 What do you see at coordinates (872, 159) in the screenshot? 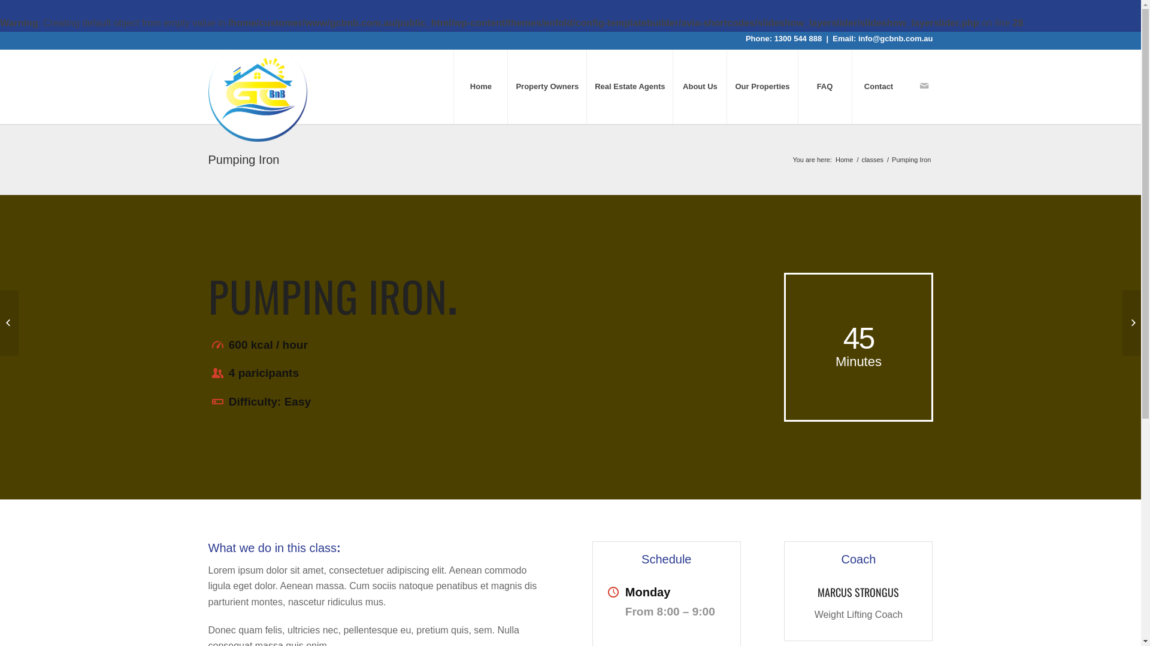
I see `'classes'` at bounding box center [872, 159].